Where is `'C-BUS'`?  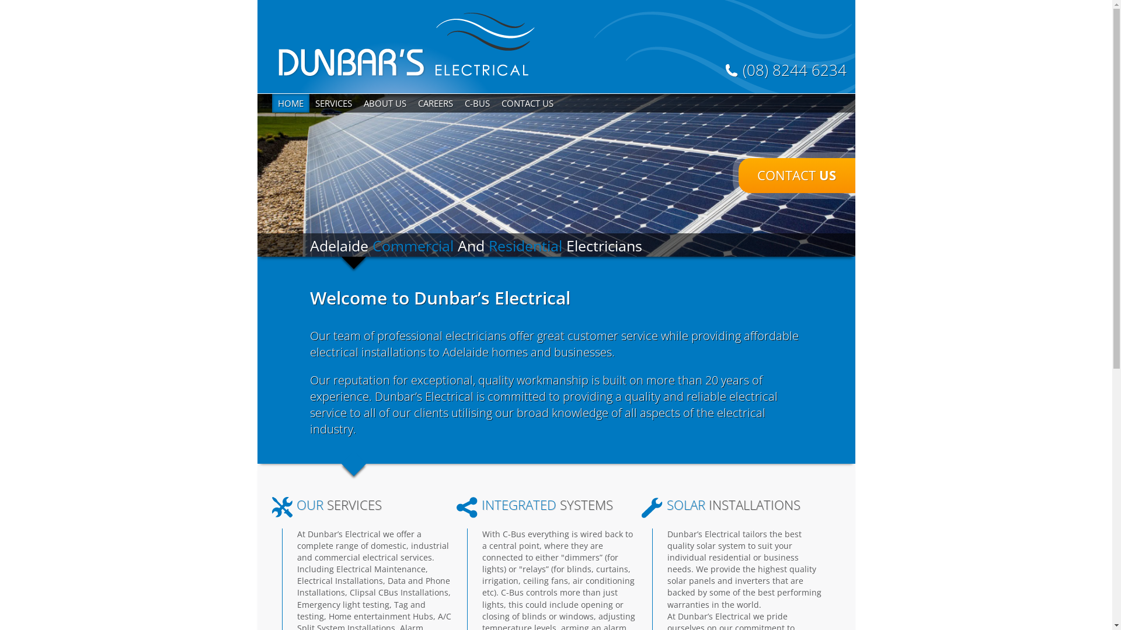
'C-BUS' is located at coordinates (477, 103).